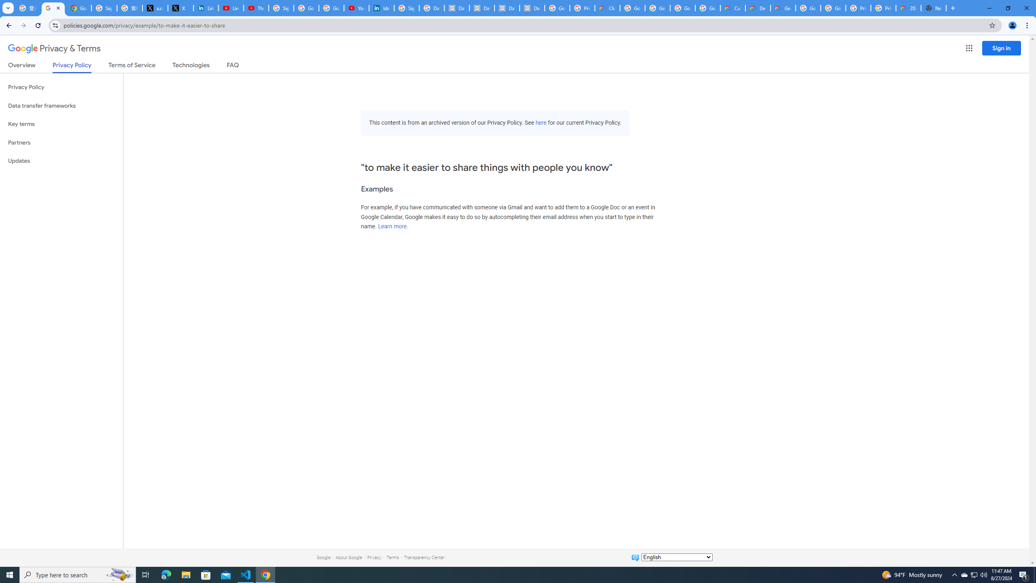  I want to click on 'Privacy & Terms', so click(54, 48).